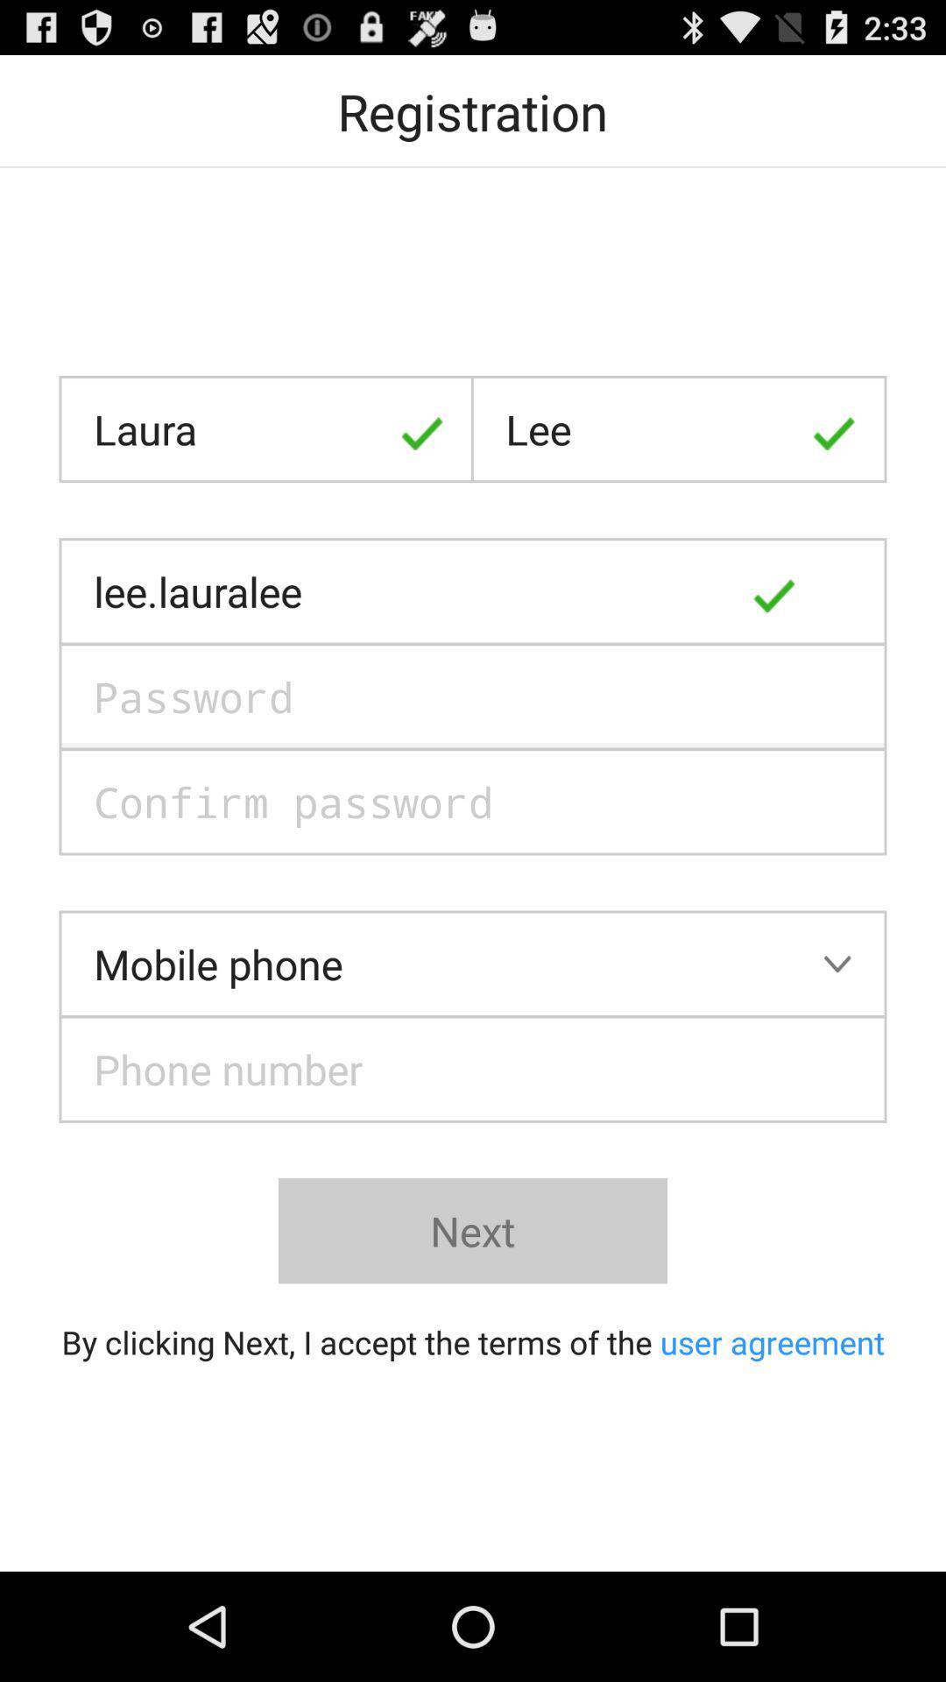 The width and height of the screenshot is (946, 1682). Describe the element at coordinates (473, 696) in the screenshot. I see `password` at that location.